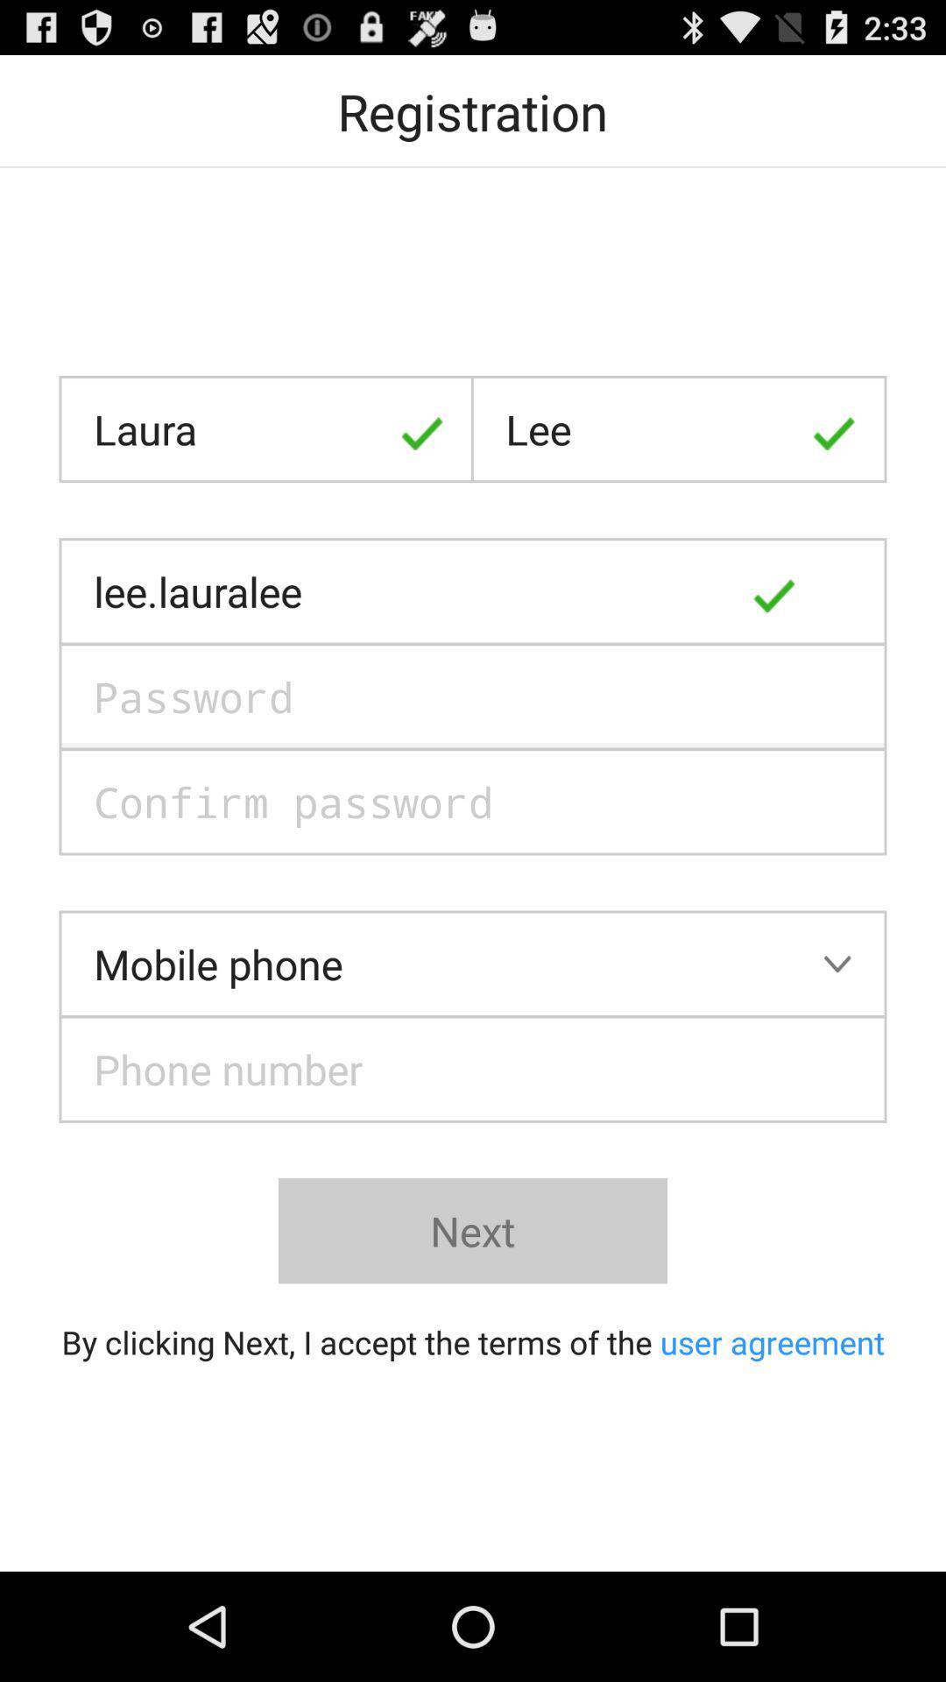 The width and height of the screenshot is (946, 1682). Describe the element at coordinates (473, 696) in the screenshot. I see `password` at that location.